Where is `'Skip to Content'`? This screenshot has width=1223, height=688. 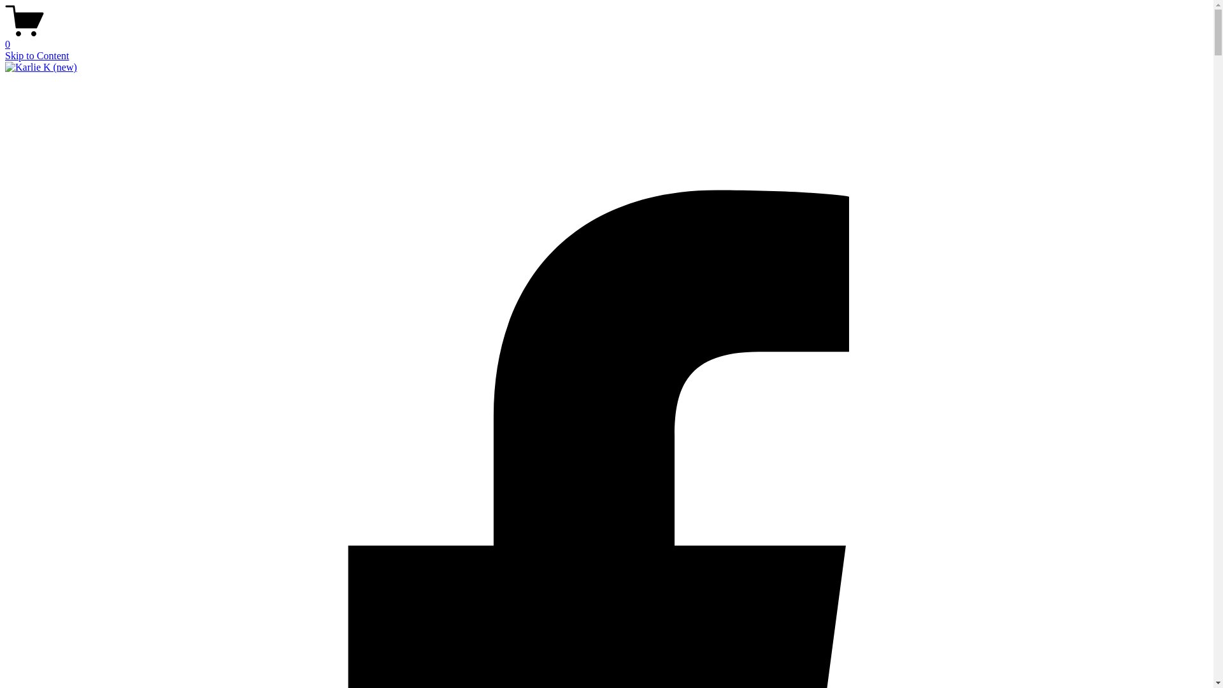 'Skip to Content' is located at coordinates (5, 55).